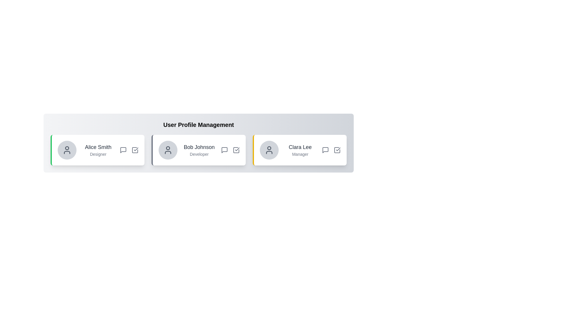 The image size is (565, 318). I want to click on the checkmark icon button located at the bottom-left of Alice Smith's user card to confirm the selection, so click(135, 150).